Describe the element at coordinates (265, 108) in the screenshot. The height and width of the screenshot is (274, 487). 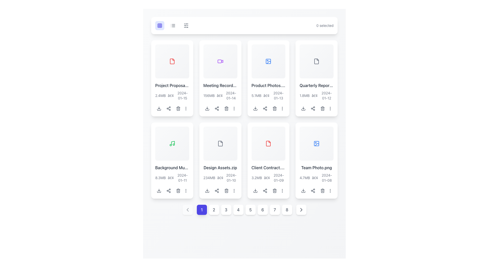
I see `the share button located below the 'Product Photos' card in the second row and third column of the grid layout to initiate sharing` at that location.